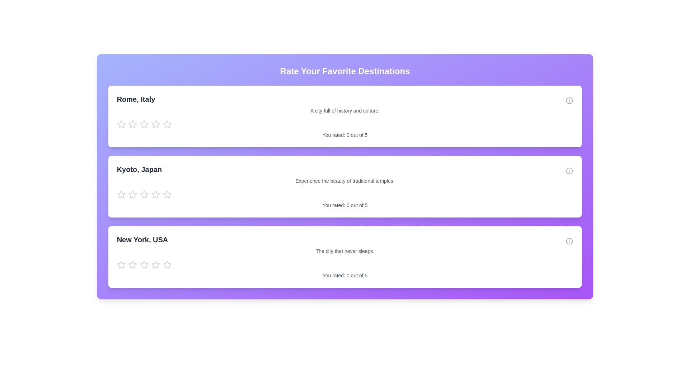 The height and width of the screenshot is (387, 689). Describe the element at coordinates (121, 194) in the screenshot. I see `the first star-shaped rating icon under the 'Kyoto, Japan' title` at that location.